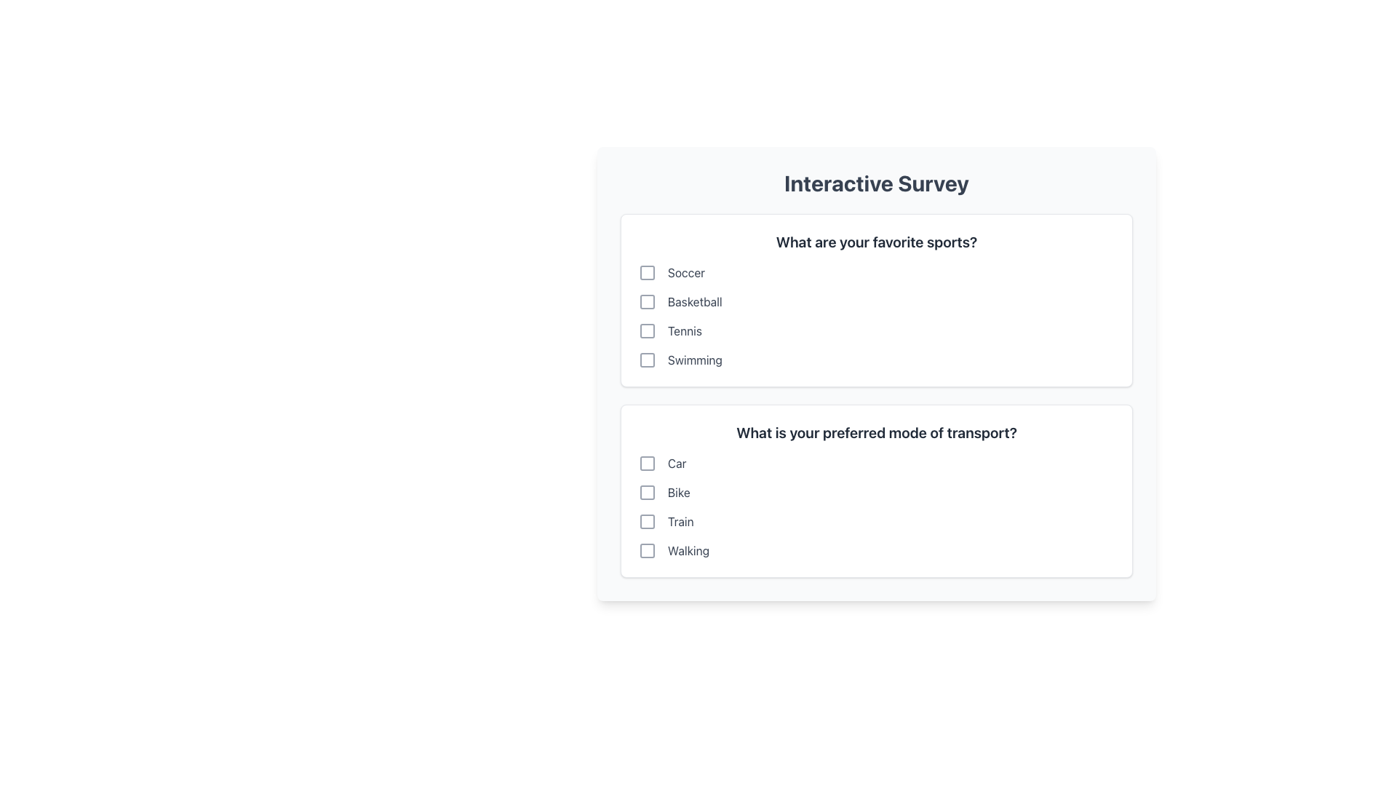 The height and width of the screenshot is (786, 1397). What do you see at coordinates (646, 550) in the screenshot?
I see `the checkbox labeled 'Walking', which is the first element` at bounding box center [646, 550].